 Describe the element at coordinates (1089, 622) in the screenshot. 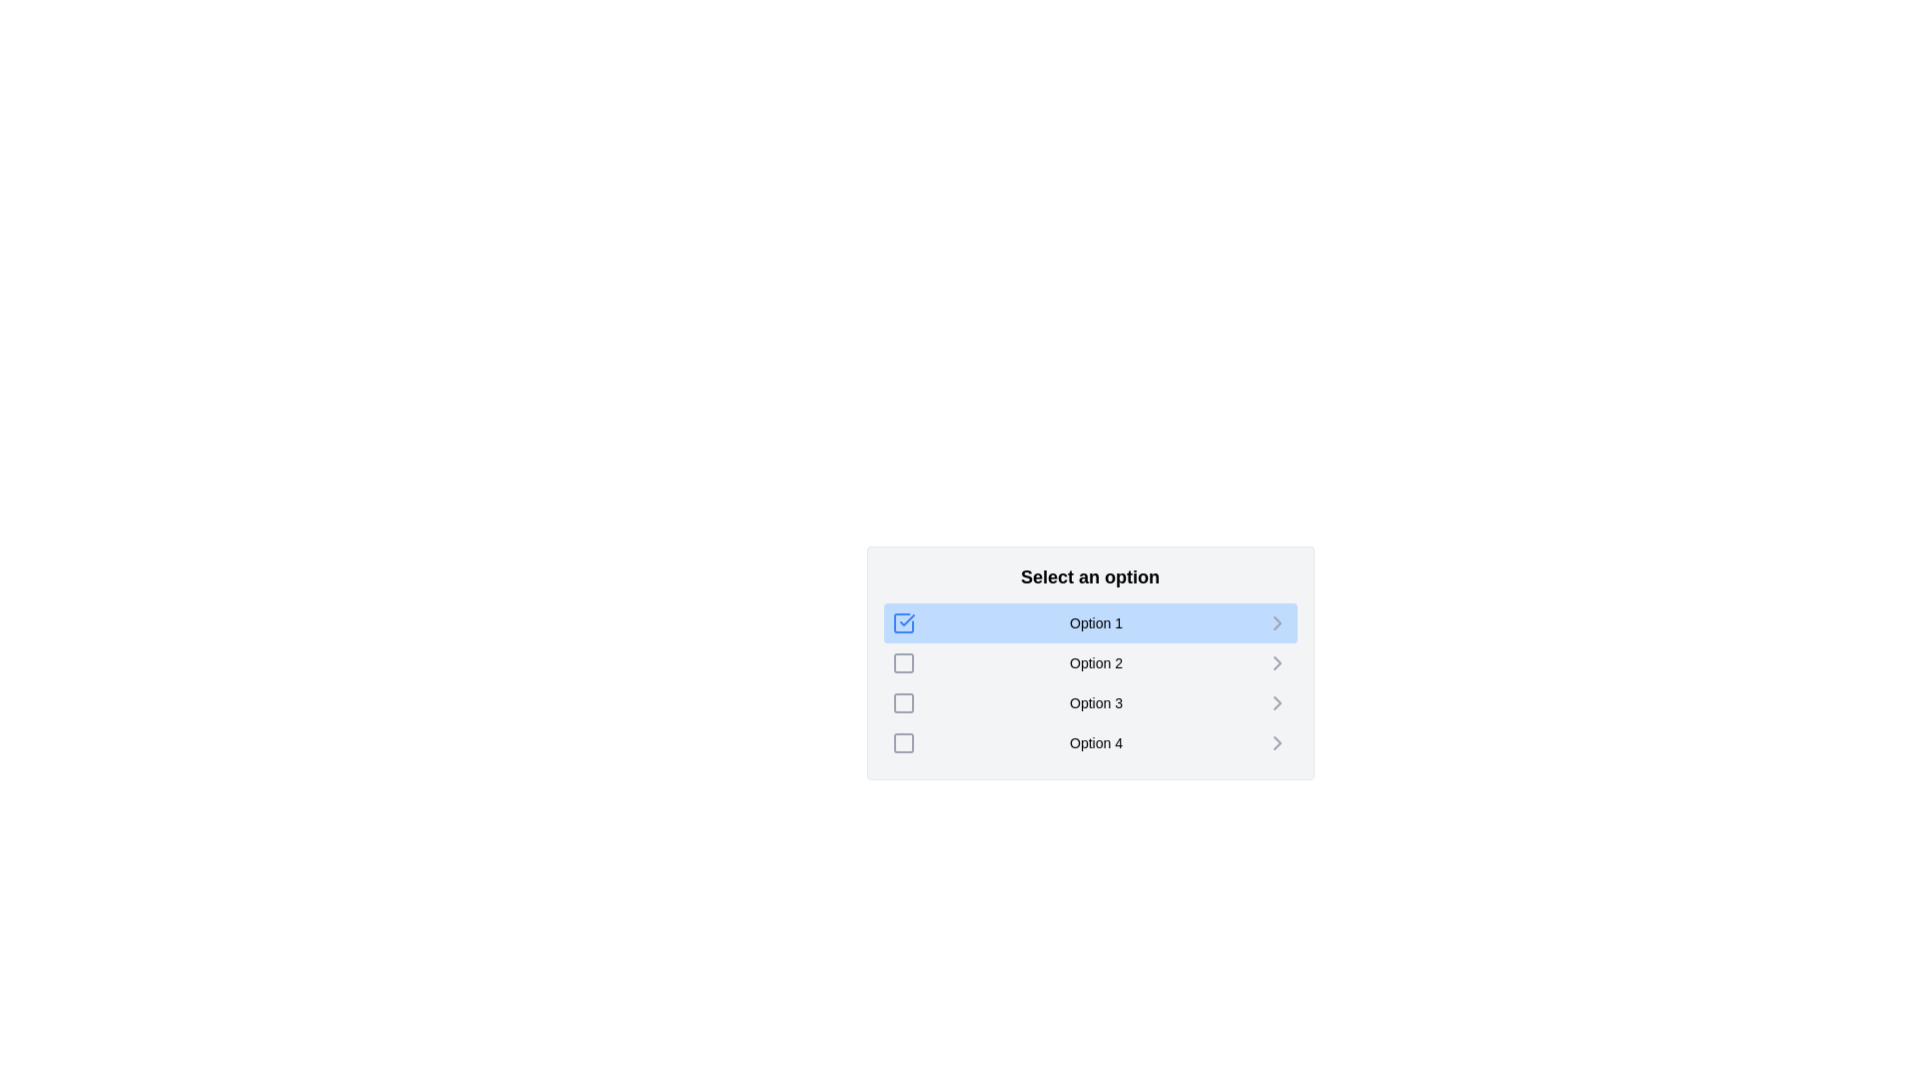

I see `the text label 'Option 1' of the interactive list item with a checkbox to focus` at that location.